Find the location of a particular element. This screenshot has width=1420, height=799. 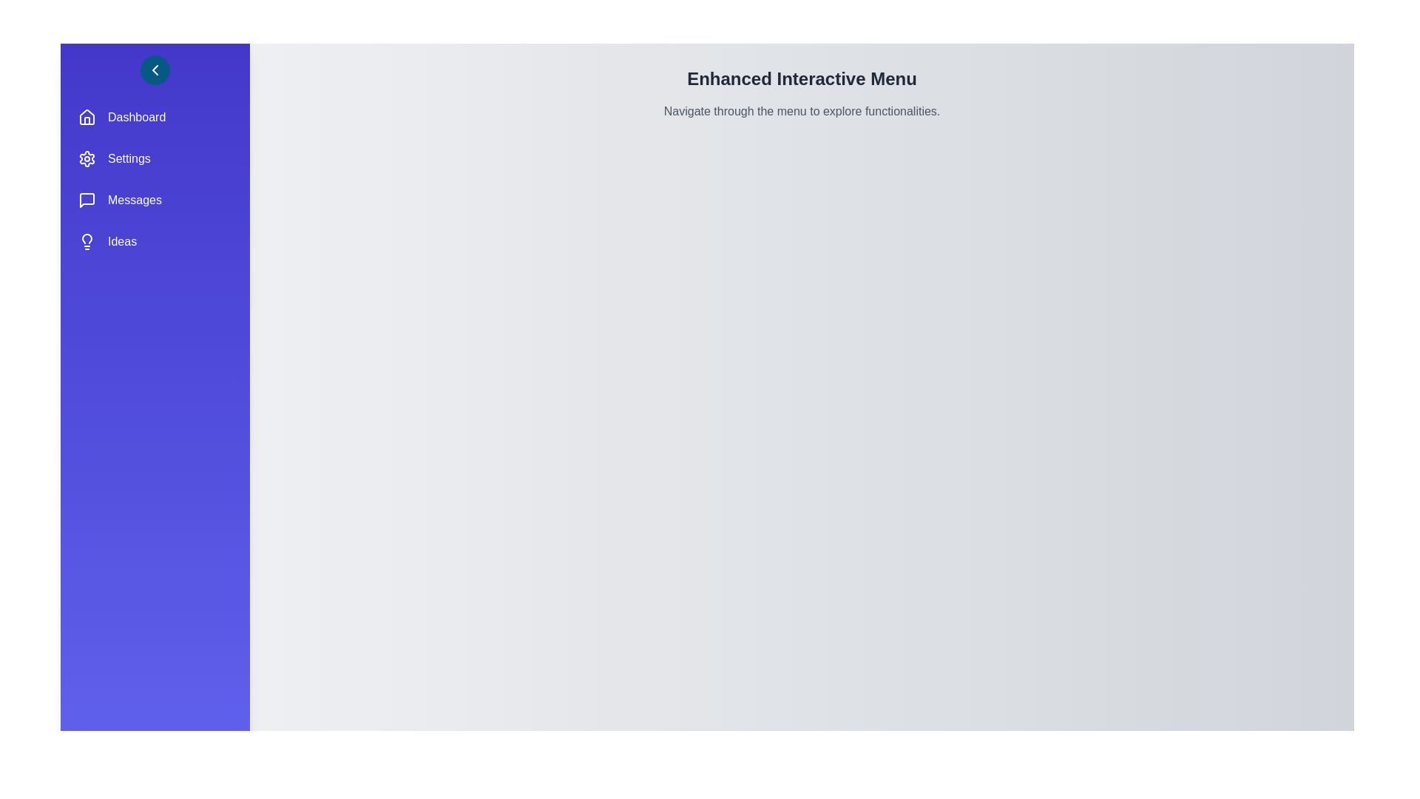

the menu item Settings to select it is located at coordinates (155, 159).